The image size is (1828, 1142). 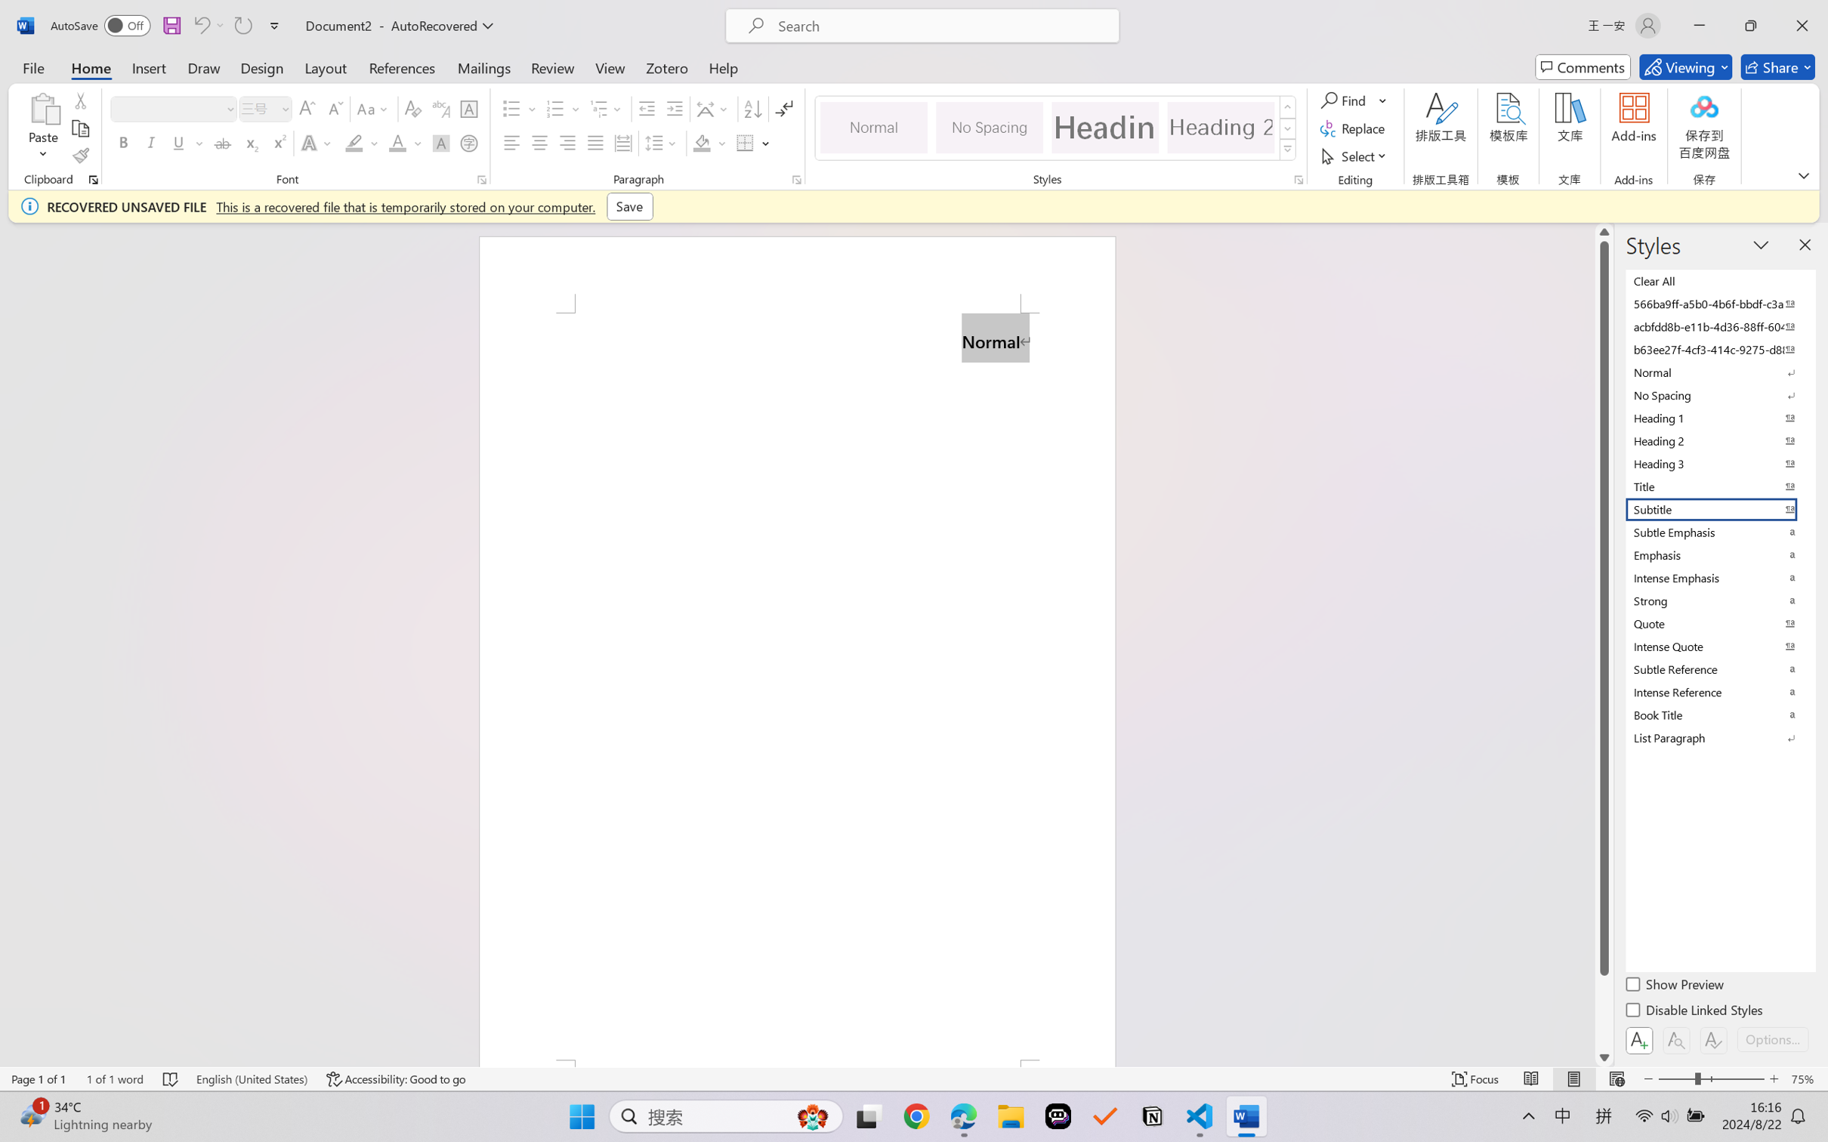 I want to click on 'Options...', so click(x=1771, y=1039).